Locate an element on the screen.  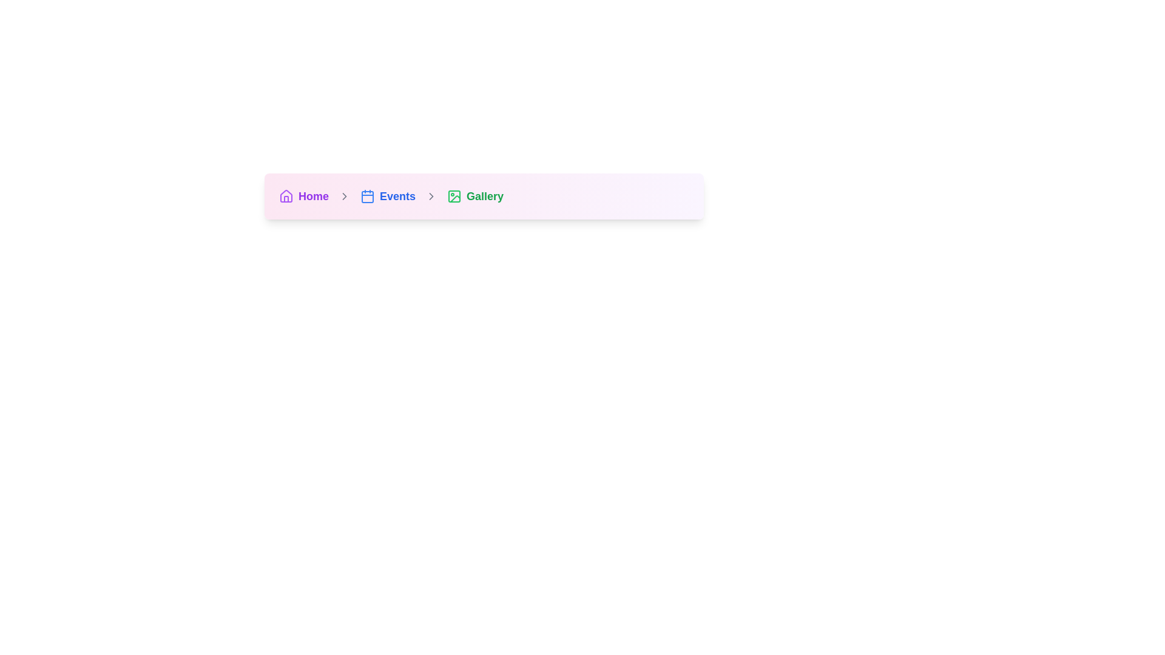
the calendar icon with a blue outline located to the left of the text 'Events' is located at coordinates (366, 196).